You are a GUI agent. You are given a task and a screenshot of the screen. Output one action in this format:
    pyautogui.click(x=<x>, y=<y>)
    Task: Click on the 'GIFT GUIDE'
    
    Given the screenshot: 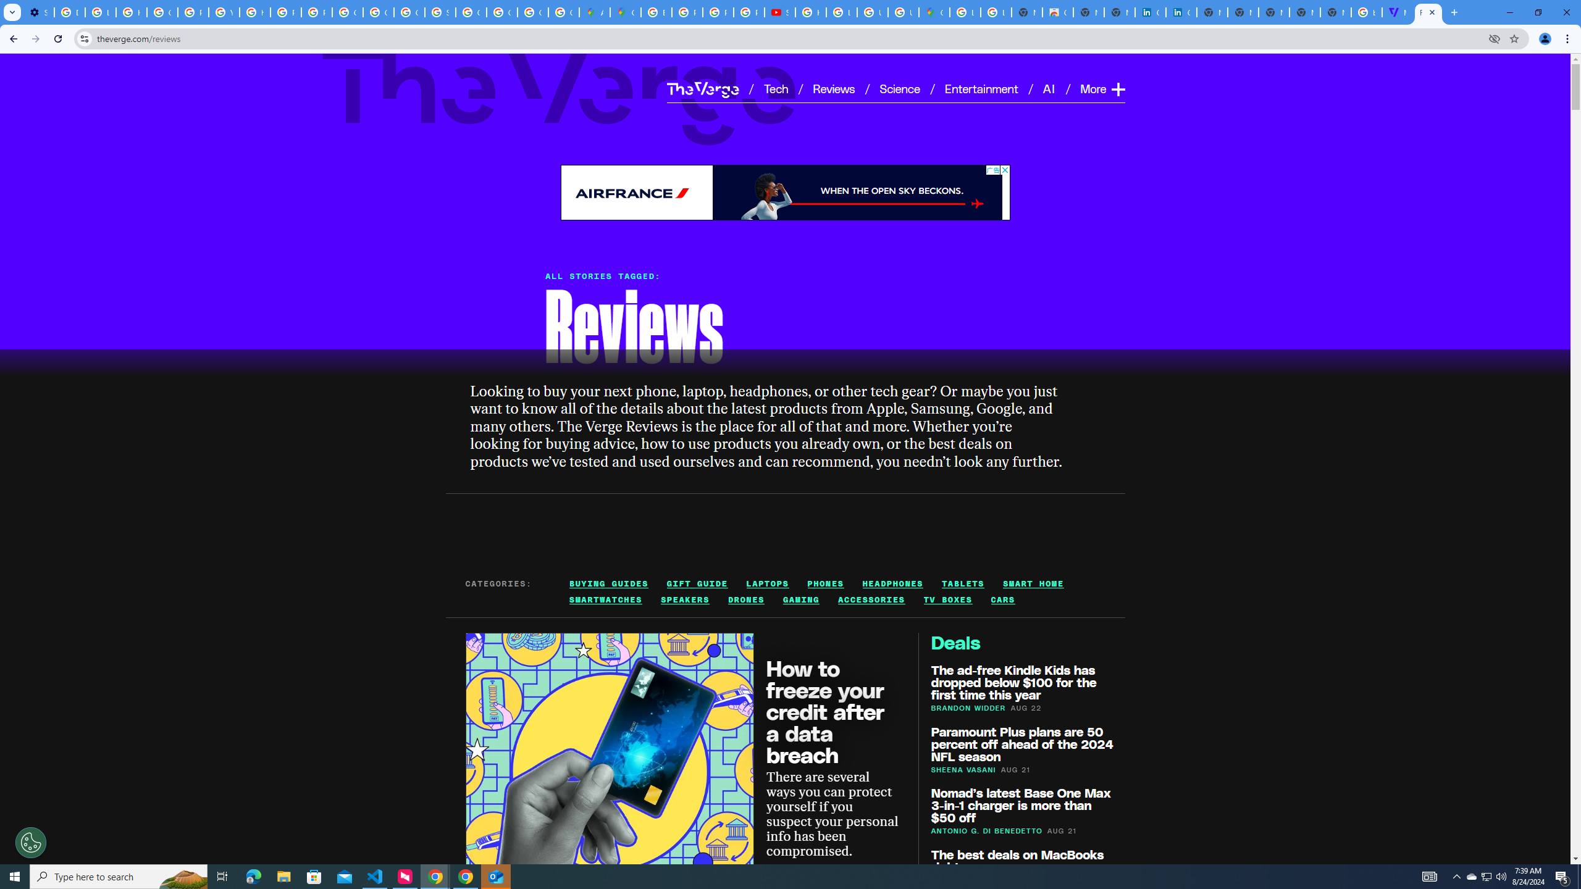 What is the action you would take?
    pyautogui.click(x=697, y=583)
    